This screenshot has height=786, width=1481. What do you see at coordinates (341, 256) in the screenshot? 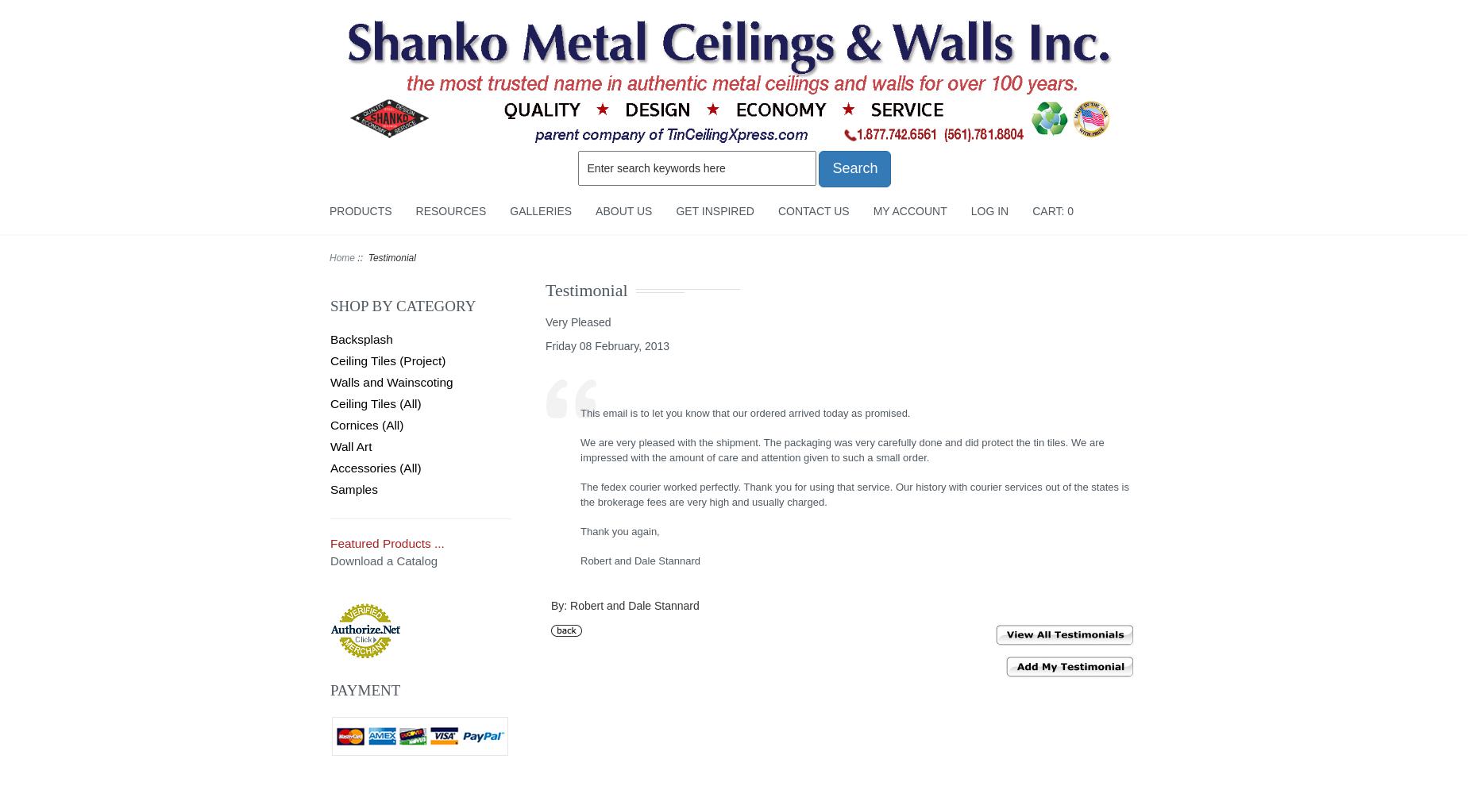
I see `'Home'` at bounding box center [341, 256].